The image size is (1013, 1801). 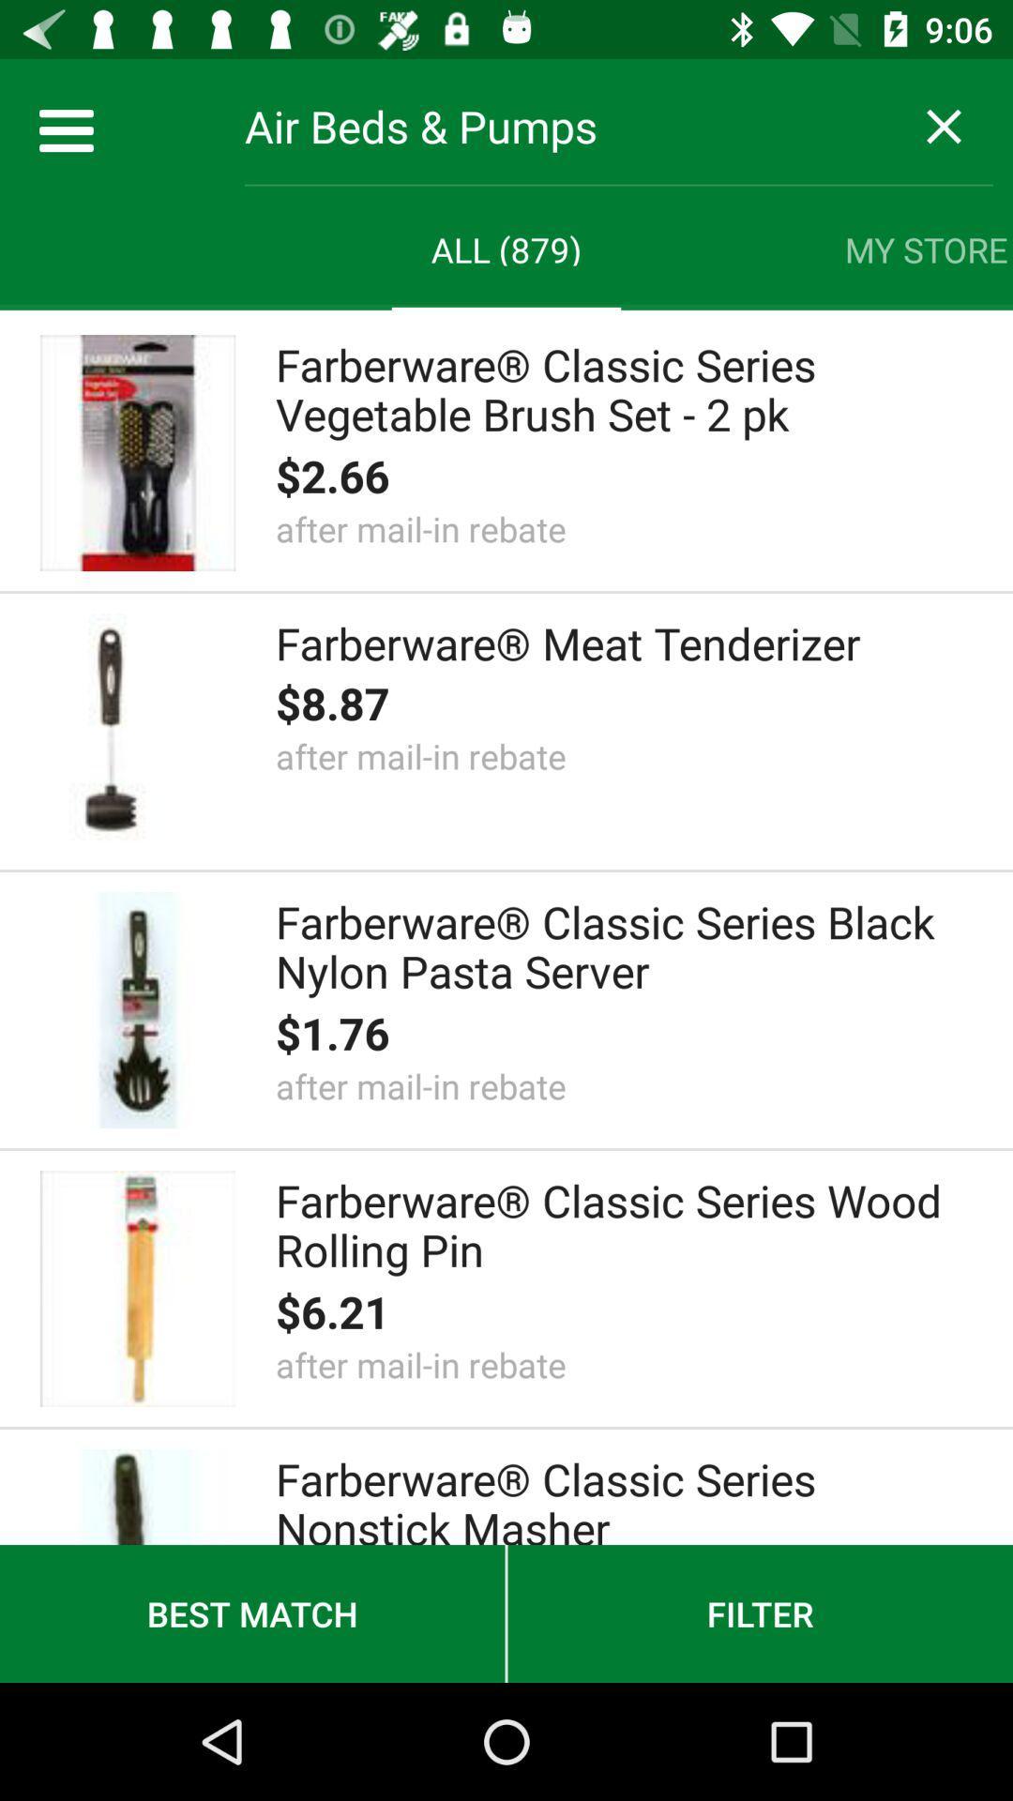 I want to click on the second image in the page, so click(x=136, y=730).